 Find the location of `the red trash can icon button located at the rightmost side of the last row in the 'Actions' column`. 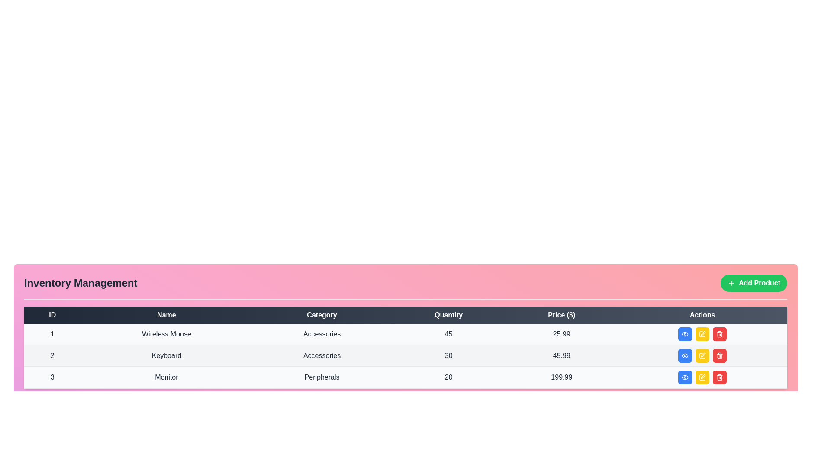

the red trash can icon button located at the rightmost side of the last row in the 'Actions' column is located at coordinates (720, 355).